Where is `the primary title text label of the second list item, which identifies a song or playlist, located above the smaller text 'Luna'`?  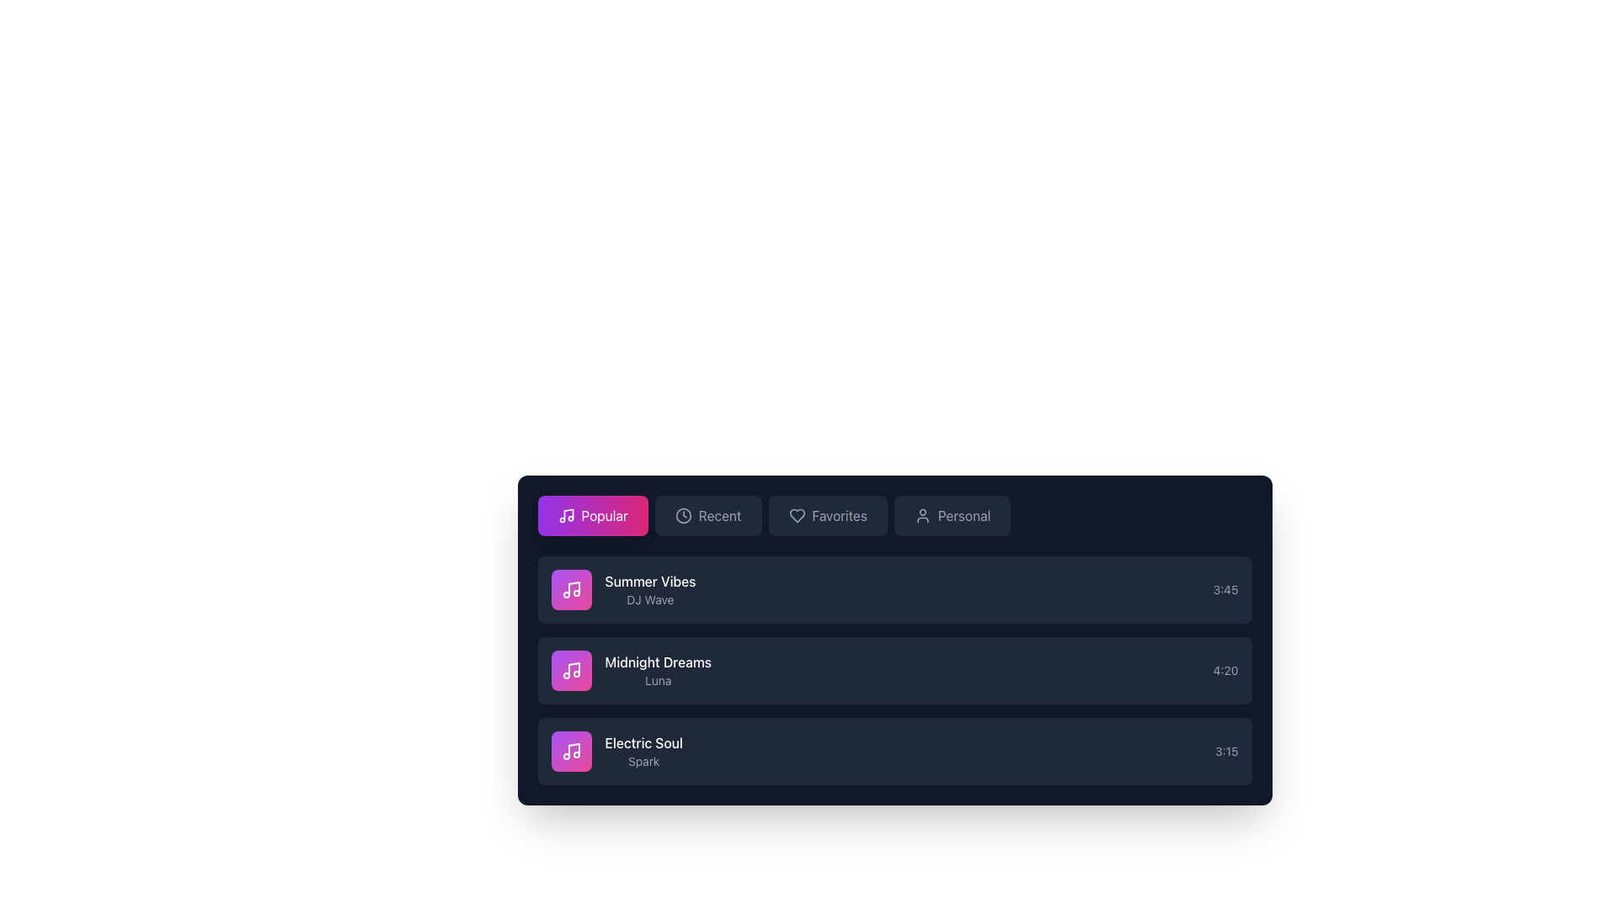
the primary title text label of the second list item, which identifies a song or playlist, located above the smaller text 'Luna' is located at coordinates (657, 661).